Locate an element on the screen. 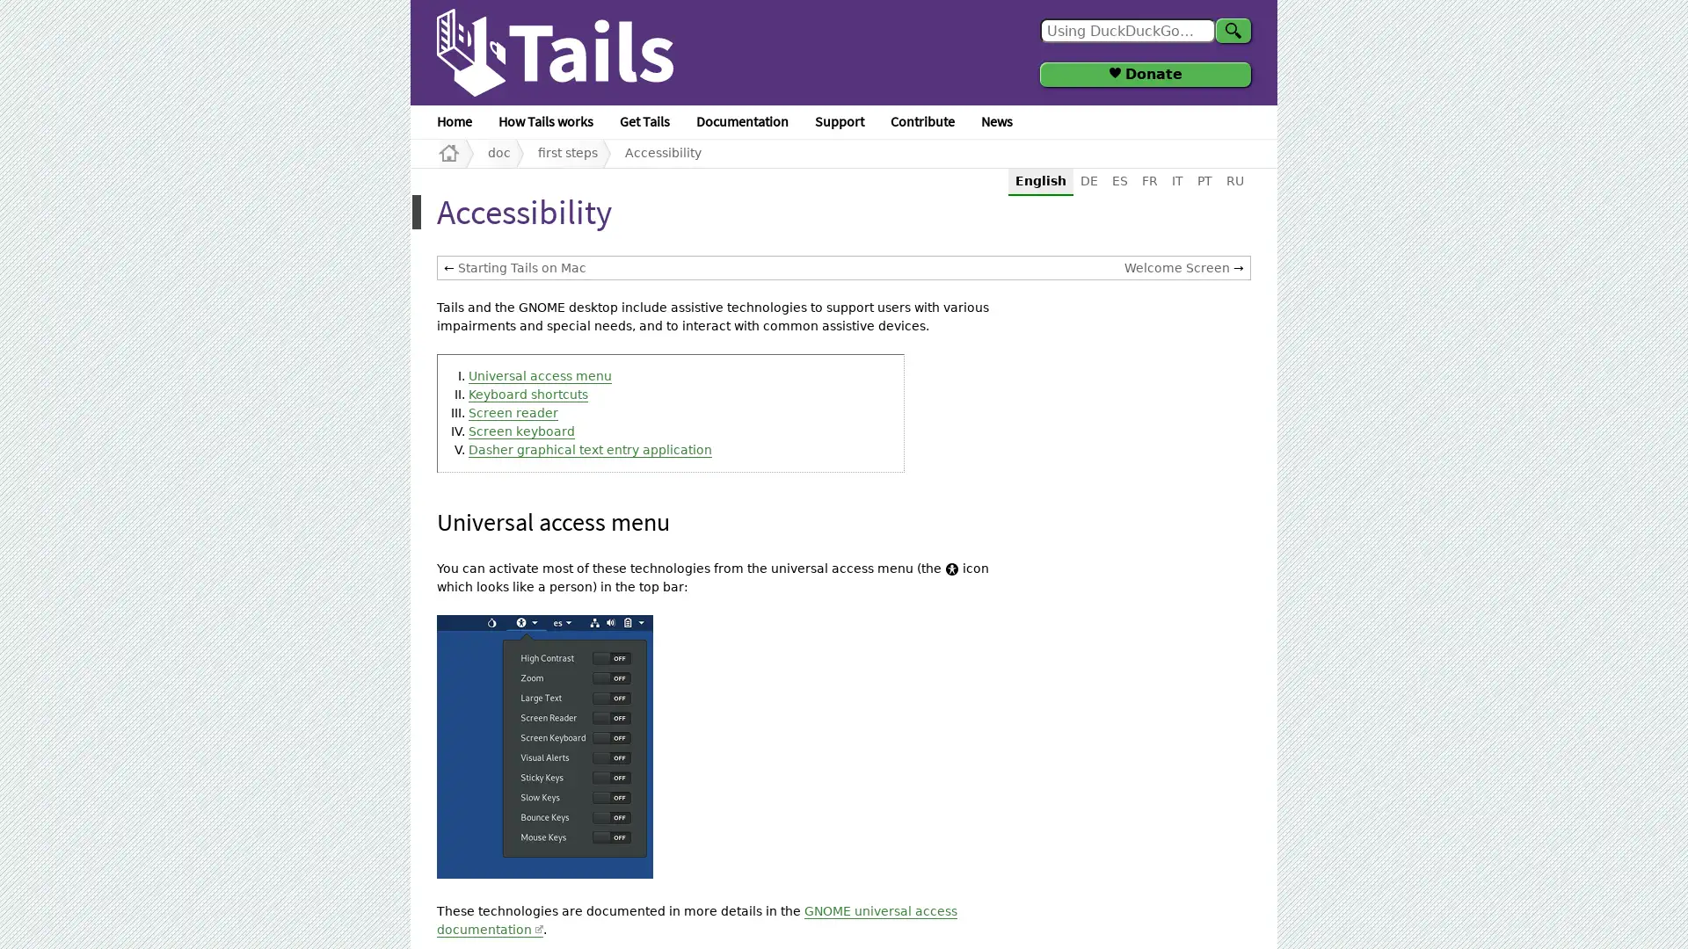 Image resolution: width=1688 pixels, height=949 pixels. Search is located at coordinates (1232, 30).